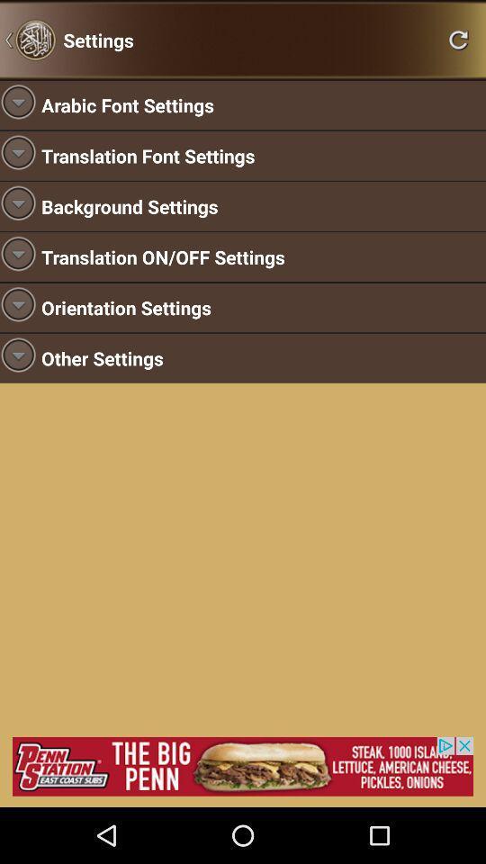 The height and width of the screenshot is (864, 486). Describe the element at coordinates (243, 765) in the screenshot. I see `advertisement` at that location.